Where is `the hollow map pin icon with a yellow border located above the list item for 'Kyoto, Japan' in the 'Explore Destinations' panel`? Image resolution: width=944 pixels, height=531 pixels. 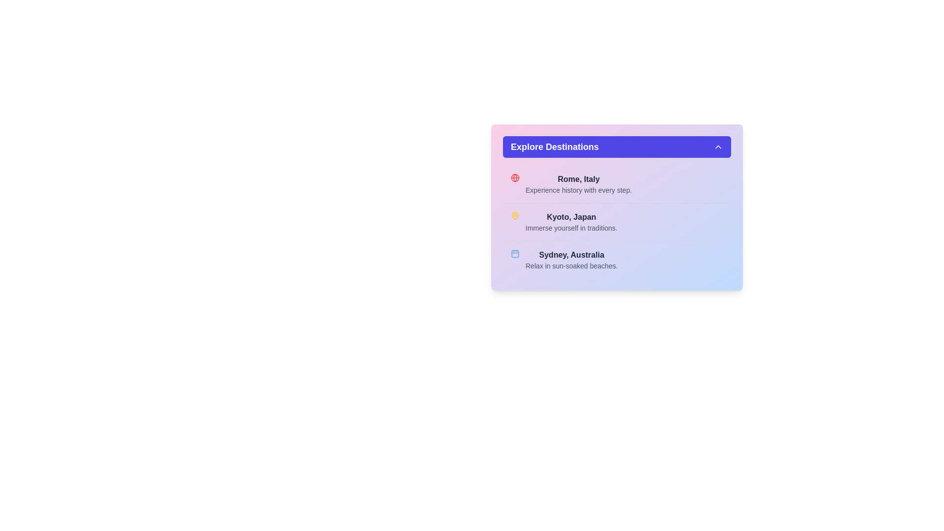
the hollow map pin icon with a yellow border located above the list item for 'Kyoto, Japan' in the 'Explore Destinations' panel is located at coordinates (514, 215).